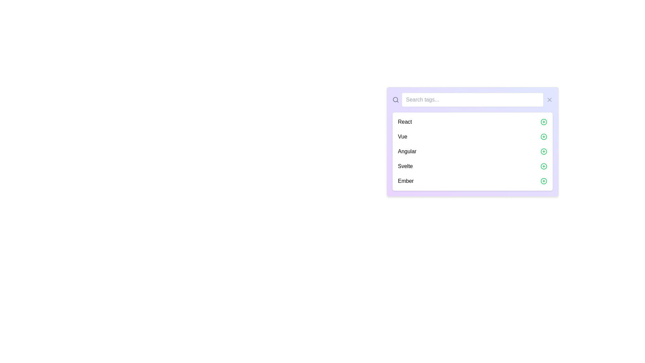 The width and height of the screenshot is (645, 363). Describe the element at coordinates (544, 166) in the screenshot. I see `the interactive button on the rightmost side of the 'Svelte' row` at that location.